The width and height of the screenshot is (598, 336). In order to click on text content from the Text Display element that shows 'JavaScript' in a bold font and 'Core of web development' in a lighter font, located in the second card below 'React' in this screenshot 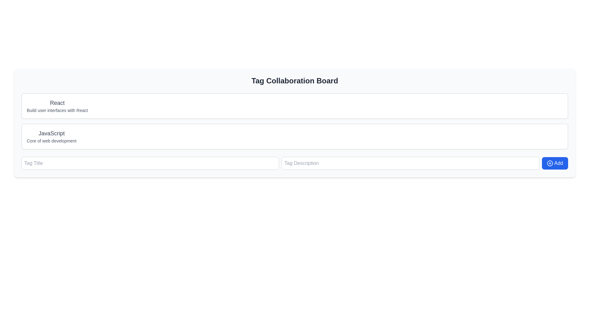, I will do `click(51, 136)`.